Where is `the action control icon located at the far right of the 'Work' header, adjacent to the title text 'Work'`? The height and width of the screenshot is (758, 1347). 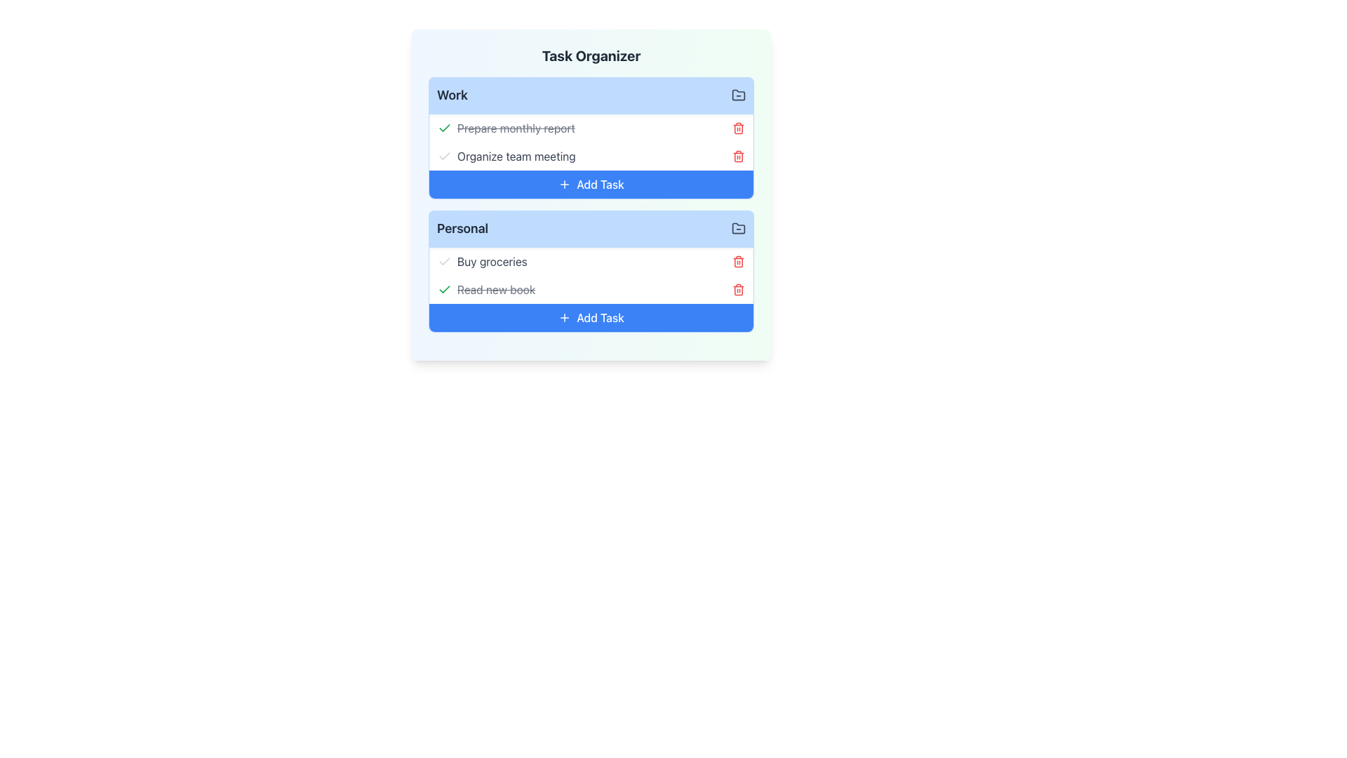 the action control icon located at the far right of the 'Work' header, adjacent to the title text 'Work' is located at coordinates (737, 95).